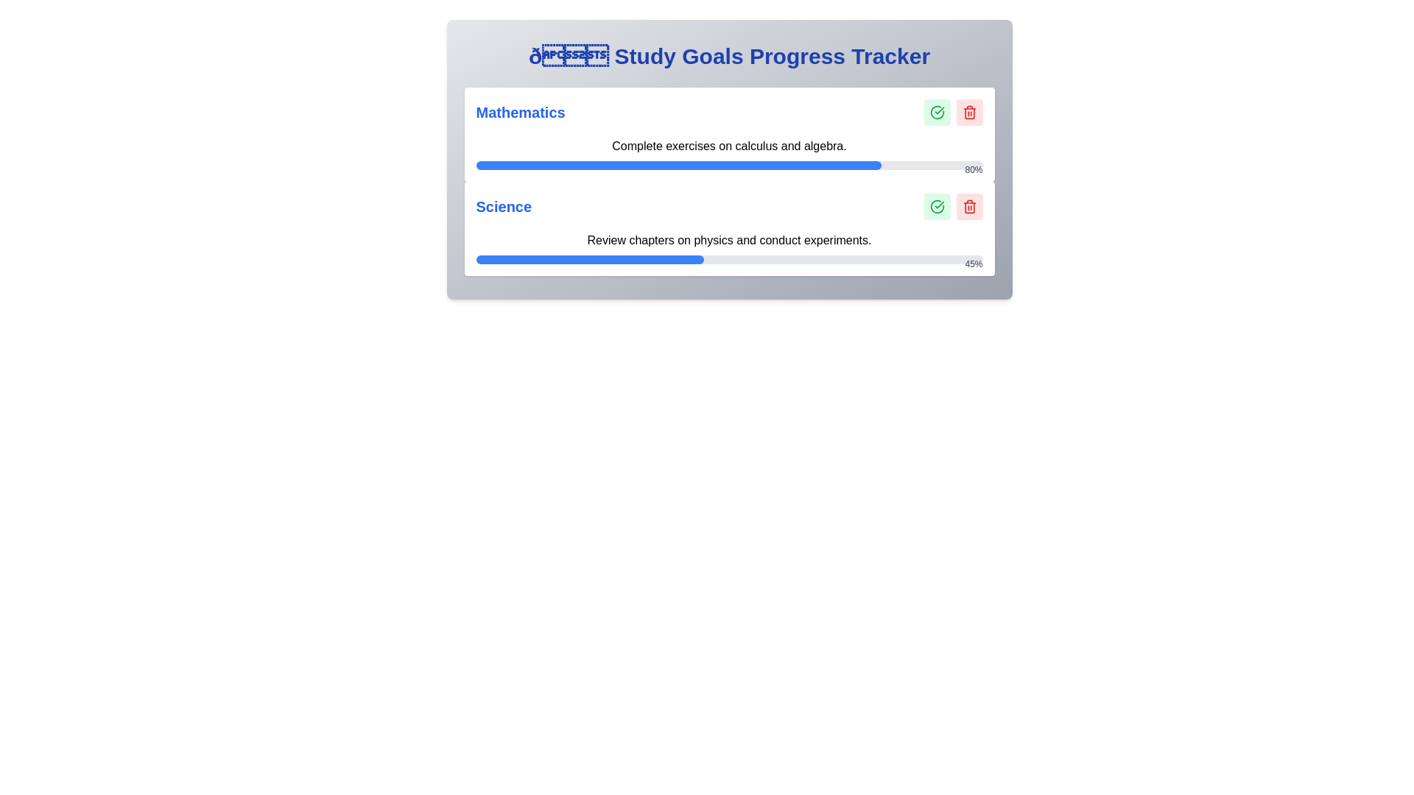 This screenshot has width=1414, height=795. I want to click on the 'delete' action button located in the upper-right section of the second card under the 'Science' goal to interact via keyboard shortcuts, so click(969, 207).